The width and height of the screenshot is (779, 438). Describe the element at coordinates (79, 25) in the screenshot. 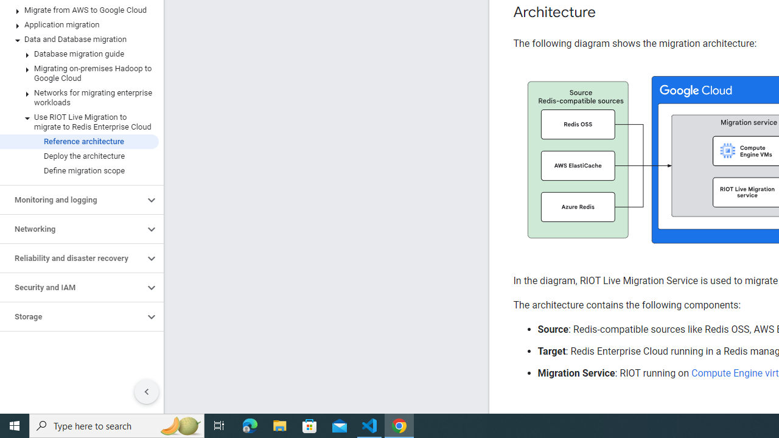

I see `'Application migration'` at that location.